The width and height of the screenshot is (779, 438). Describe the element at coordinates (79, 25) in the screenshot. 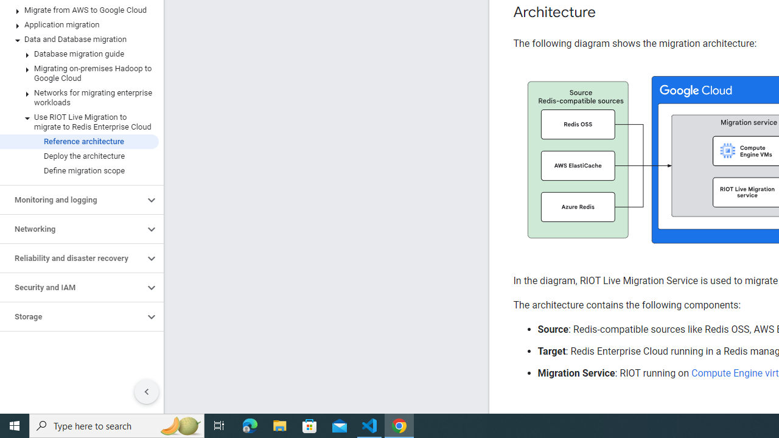

I see `'Application migration'` at that location.